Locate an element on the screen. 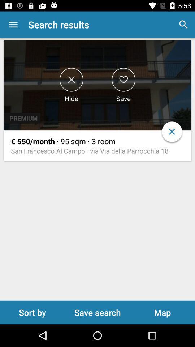 This screenshot has width=195, height=347. option is located at coordinates (123, 80).